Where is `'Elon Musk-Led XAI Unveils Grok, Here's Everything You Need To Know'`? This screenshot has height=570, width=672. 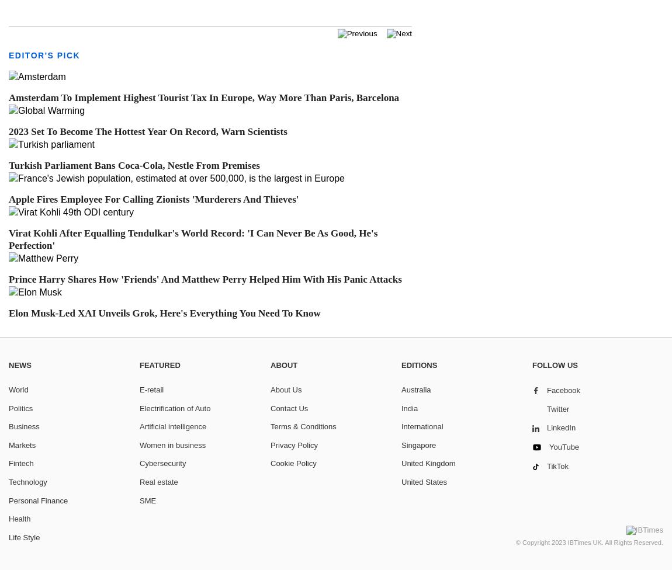
'Elon Musk-Led XAI Unveils Grok, Here's Everything You Need To Know' is located at coordinates (8, 312).